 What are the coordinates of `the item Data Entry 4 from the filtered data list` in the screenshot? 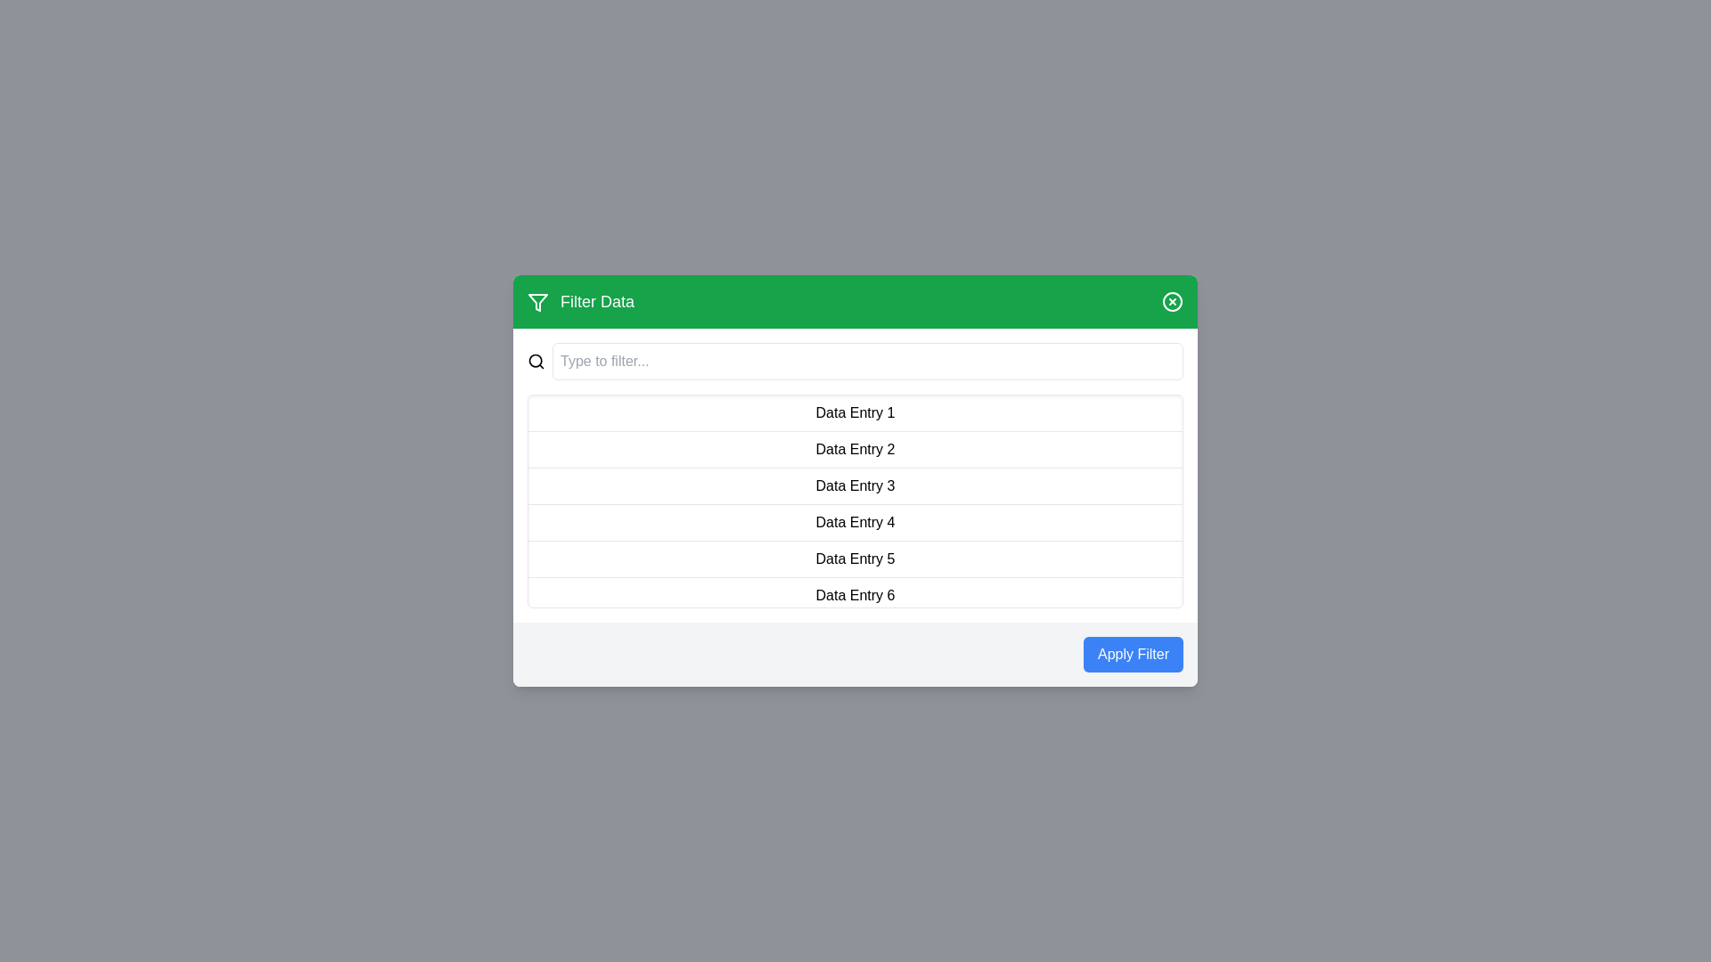 It's located at (855, 522).